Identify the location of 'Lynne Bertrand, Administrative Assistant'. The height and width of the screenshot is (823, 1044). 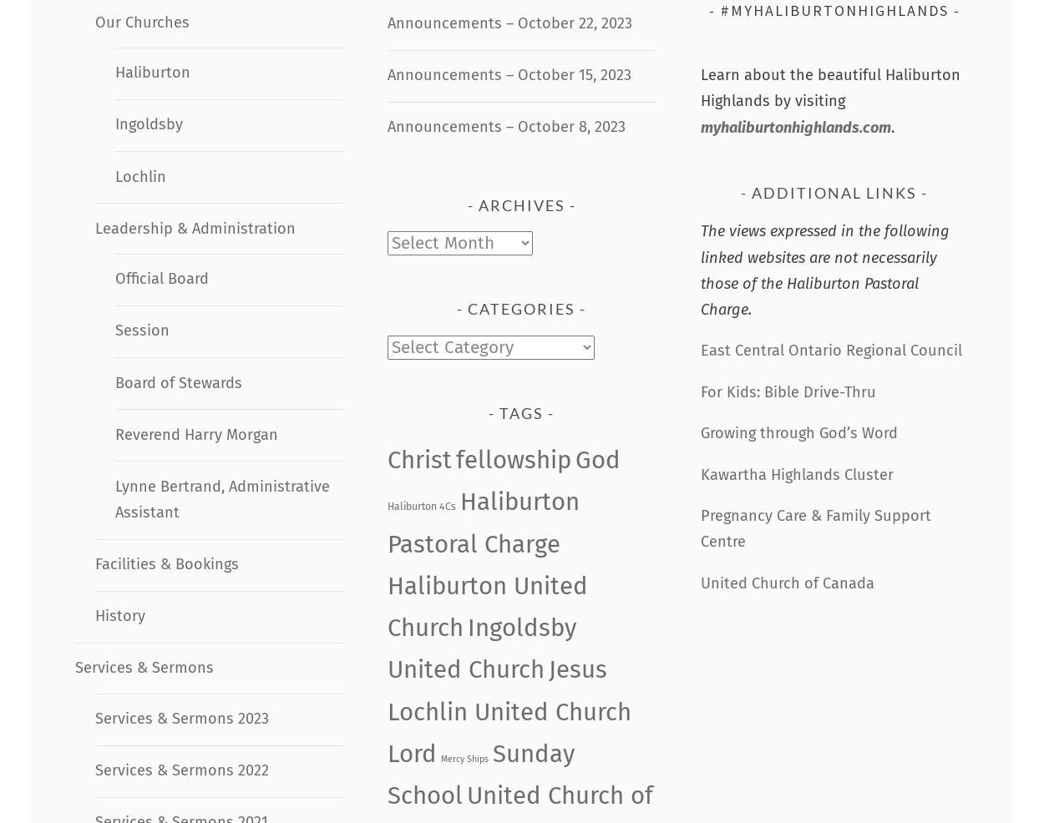
(221, 498).